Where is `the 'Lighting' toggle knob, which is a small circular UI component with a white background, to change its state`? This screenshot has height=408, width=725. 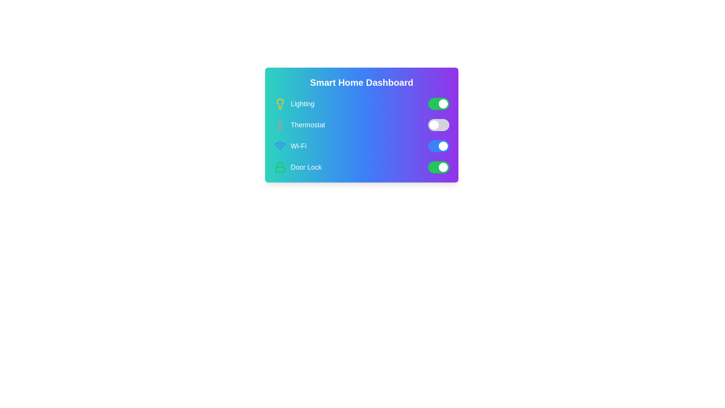
the 'Lighting' toggle knob, which is a small circular UI component with a white background, to change its state is located at coordinates (443, 104).